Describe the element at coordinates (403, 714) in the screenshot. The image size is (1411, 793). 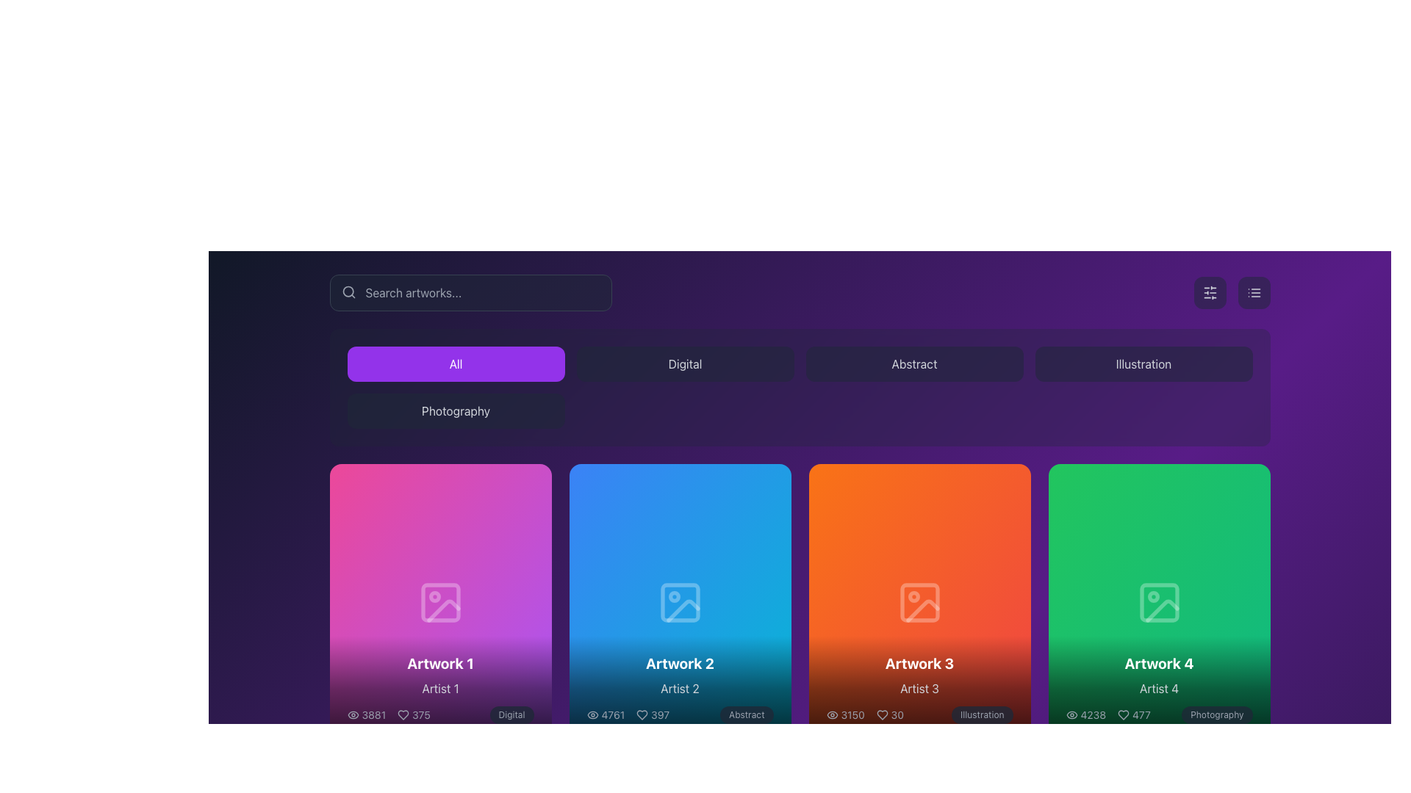
I see `the heart-shaped icon located within the content card for 'Artwork 1', positioned in the lower section of the card near the numeric label` at that location.